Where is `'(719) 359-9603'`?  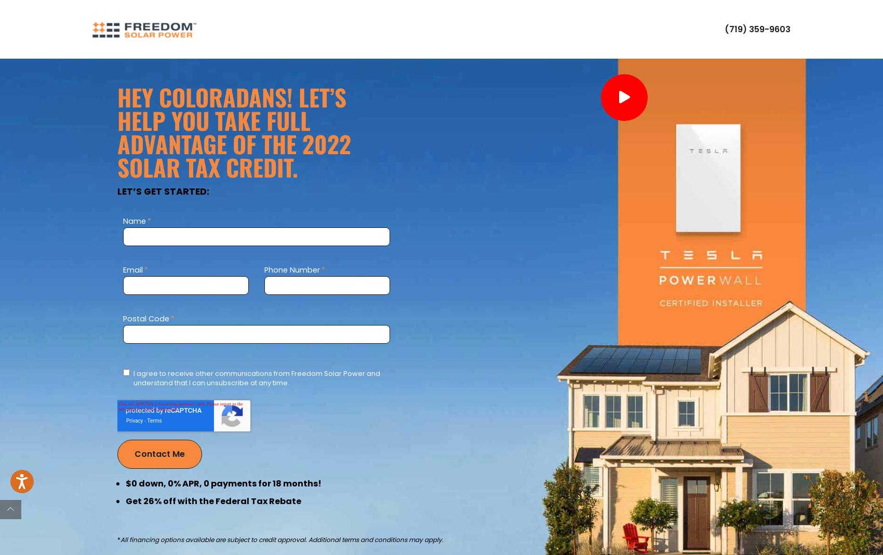
'(719) 359-9603' is located at coordinates (757, 28).